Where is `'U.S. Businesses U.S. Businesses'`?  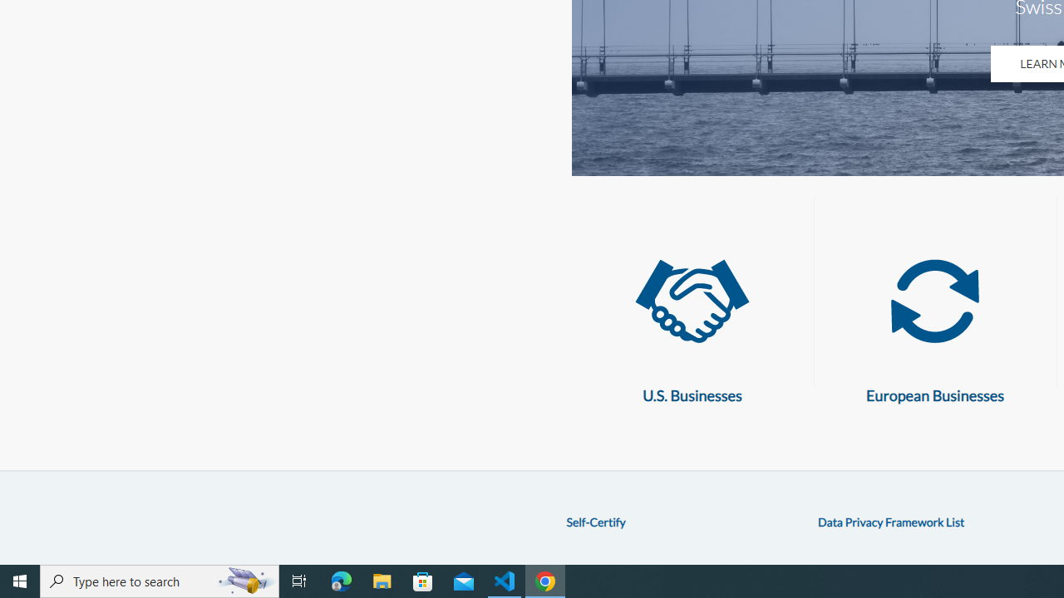
'U.S. Businesses U.S. Businesses' is located at coordinates (692, 323).